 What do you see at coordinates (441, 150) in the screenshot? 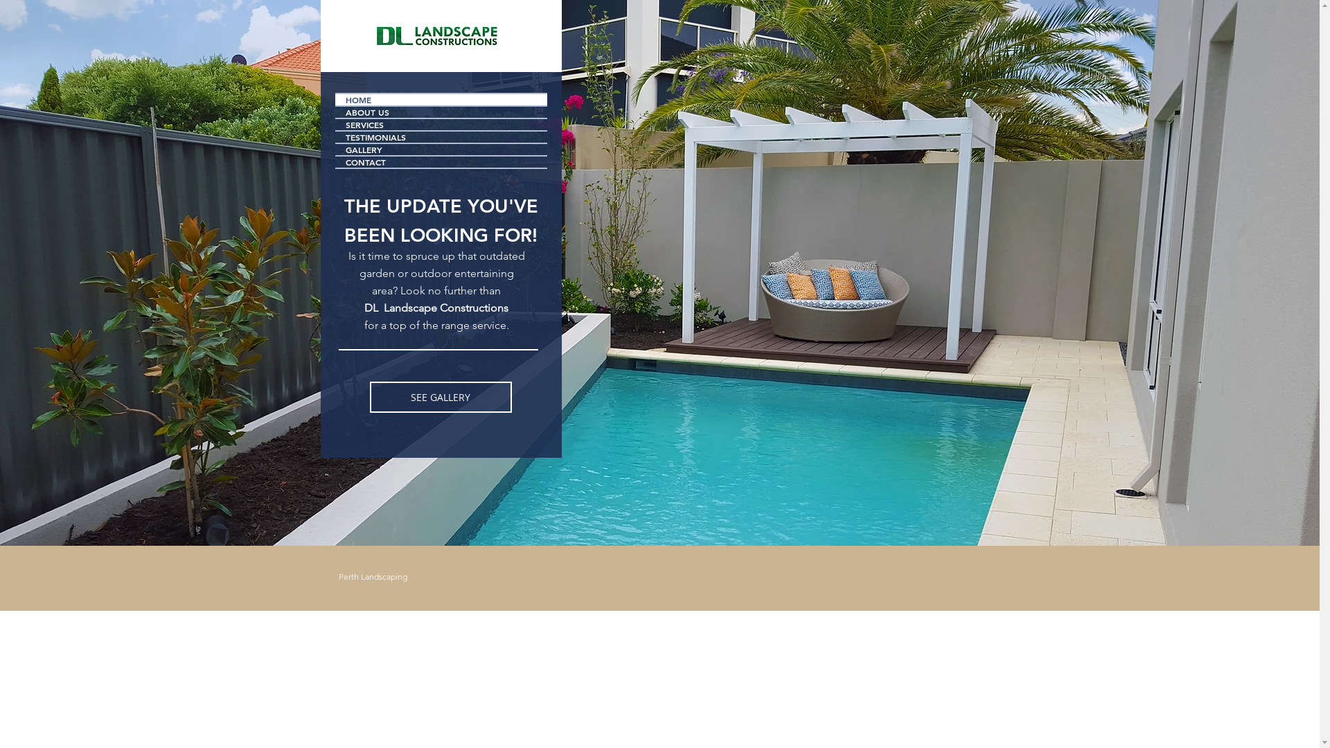
I see `'GALLERY'` at bounding box center [441, 150].